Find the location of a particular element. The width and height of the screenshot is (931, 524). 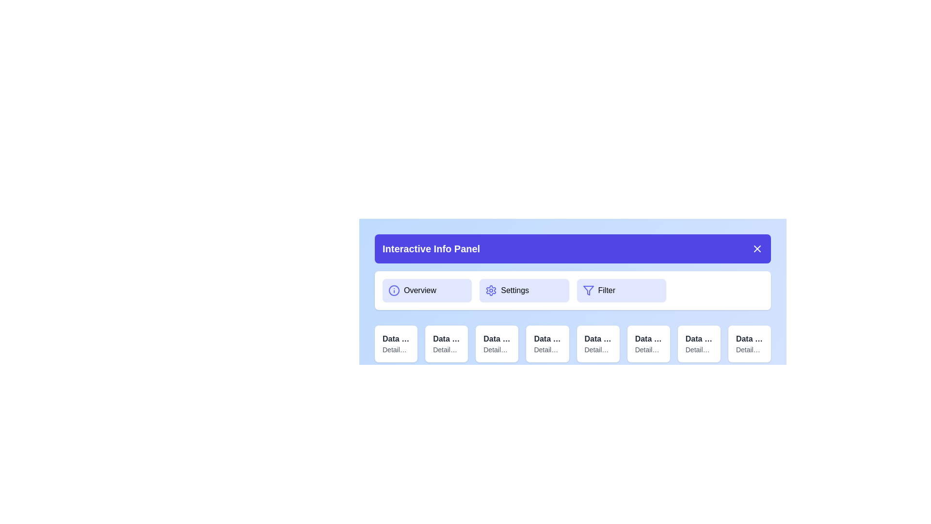

the Settings button in the navigation panel is located at coordinates (523, 290).